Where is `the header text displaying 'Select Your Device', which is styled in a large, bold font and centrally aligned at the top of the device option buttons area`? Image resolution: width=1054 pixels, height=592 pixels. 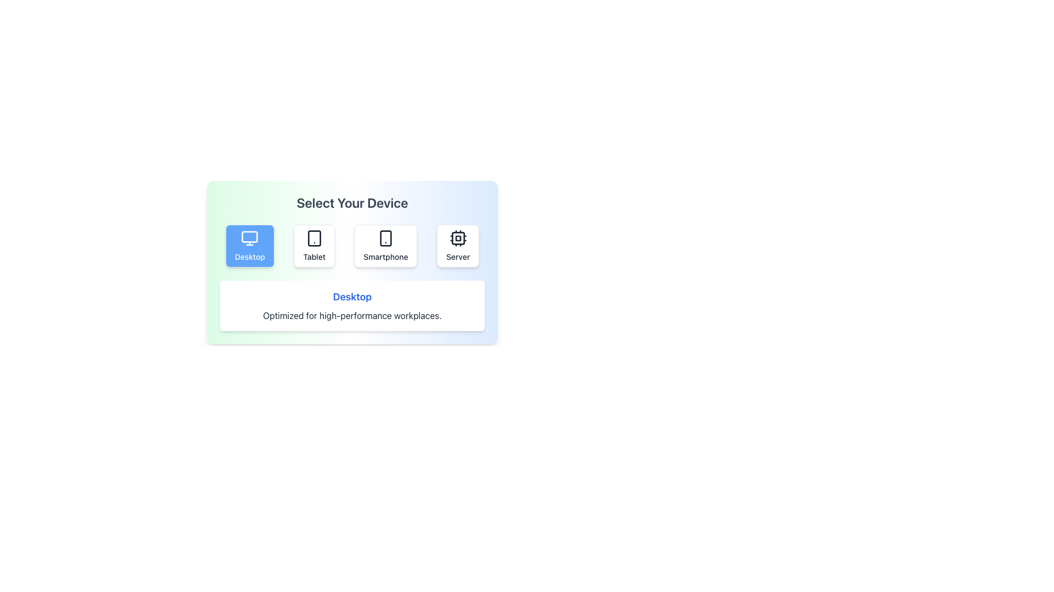 the header text displaying 'Select Your Device', which is styled in a large, bold font and centrally aligned at the top of the device option buttons area is located at coordinates (352, 203).